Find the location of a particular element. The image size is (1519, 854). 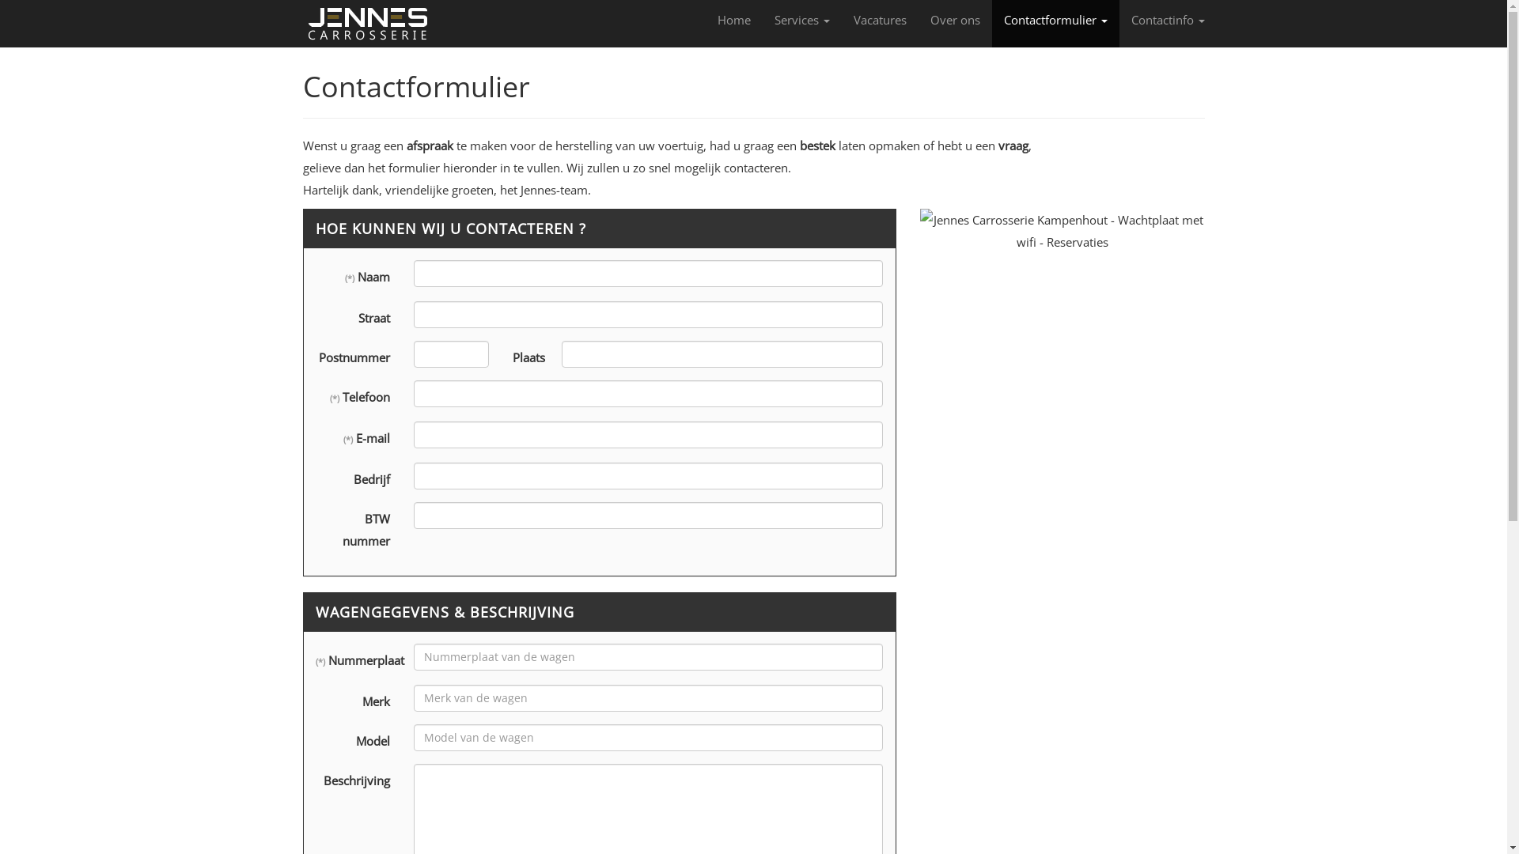

'Vacatures' is located at coordinates (879, 19).